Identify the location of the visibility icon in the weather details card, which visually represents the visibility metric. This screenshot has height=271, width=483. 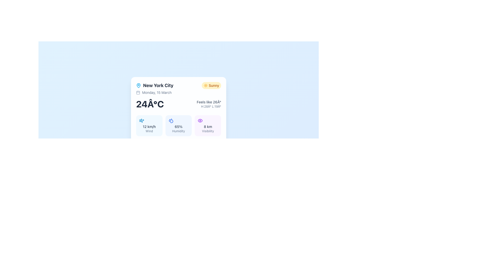
(200, 121).